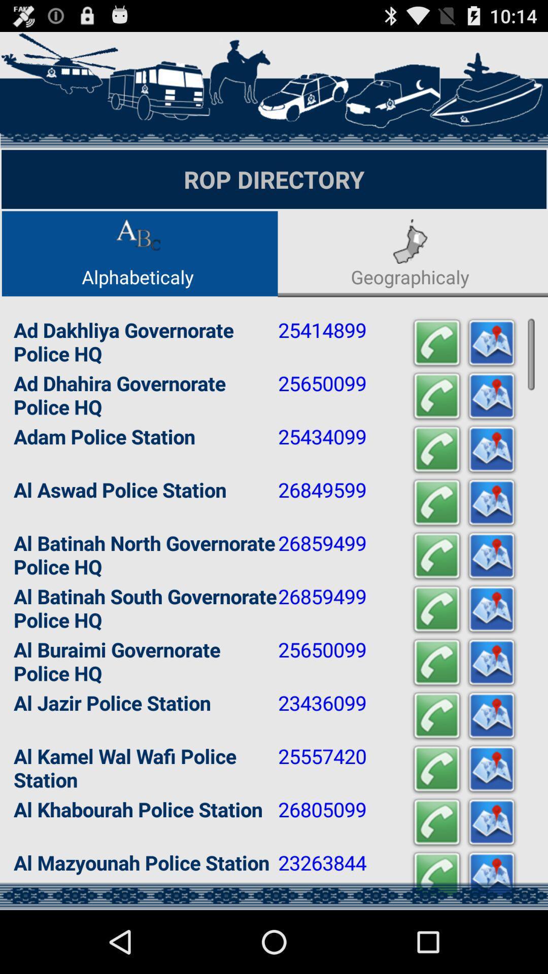 The height and width of the screenshot is (974, 548). Describe the element at coordinates (436, 343) in the screenshot. I see `call phone number` at that location.